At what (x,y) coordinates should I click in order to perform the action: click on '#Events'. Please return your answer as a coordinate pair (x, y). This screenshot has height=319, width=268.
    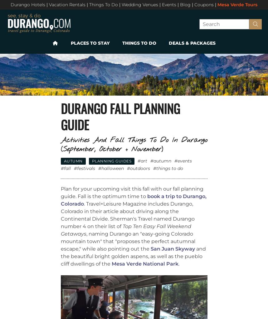
    Looking at the image, I should click on (183, 160).